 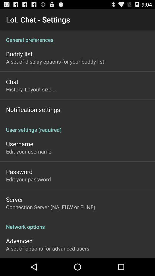 What do you see at coordinates (31, 89) in the screenshot?
I see `the history, layout size ...` at bounding box center [31, 89].